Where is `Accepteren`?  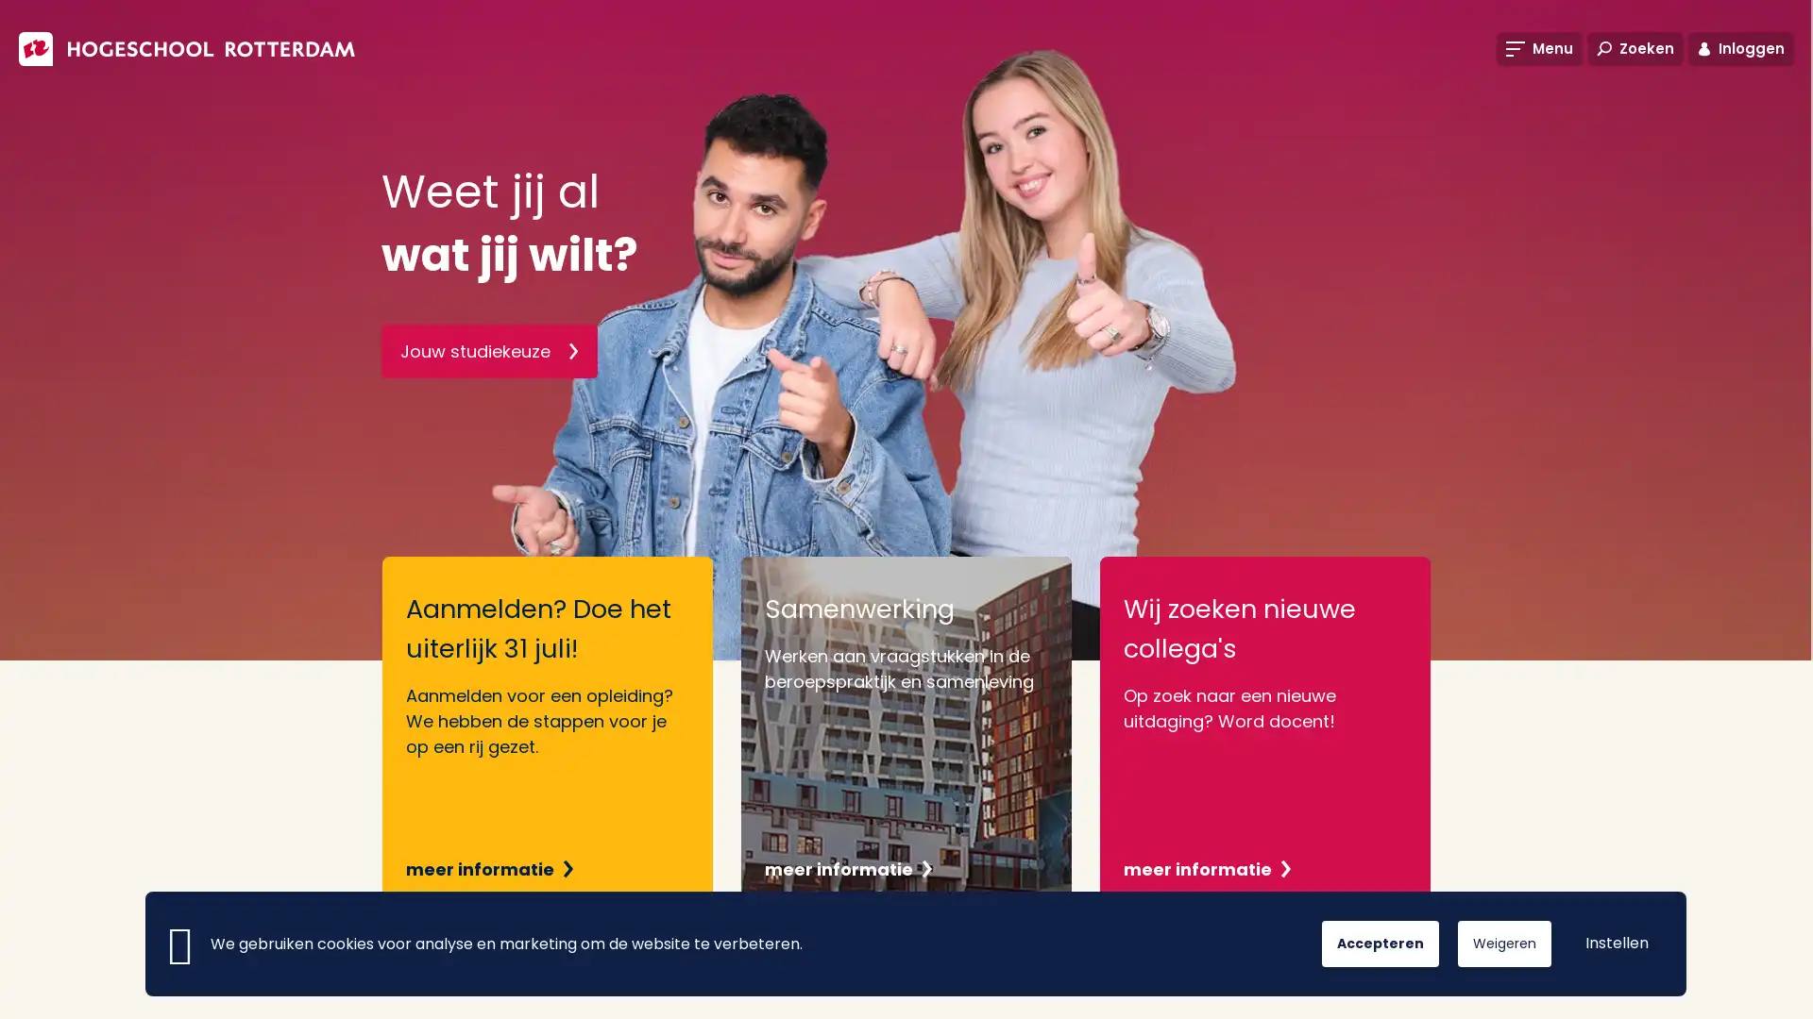
Accepteren is located at coordinates (1379, 944).